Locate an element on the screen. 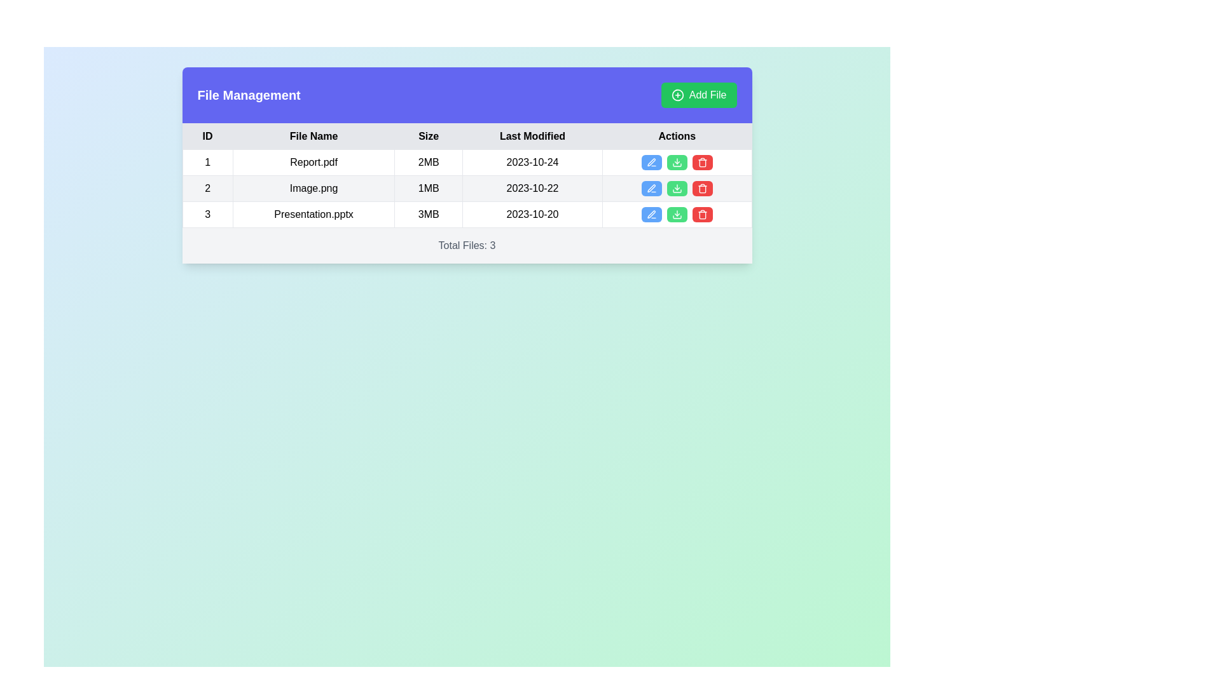  the 'Size' header label in the table, which is located at the third position between 'File Name' and 'Last Modified' is located at coordinates (429, 137).